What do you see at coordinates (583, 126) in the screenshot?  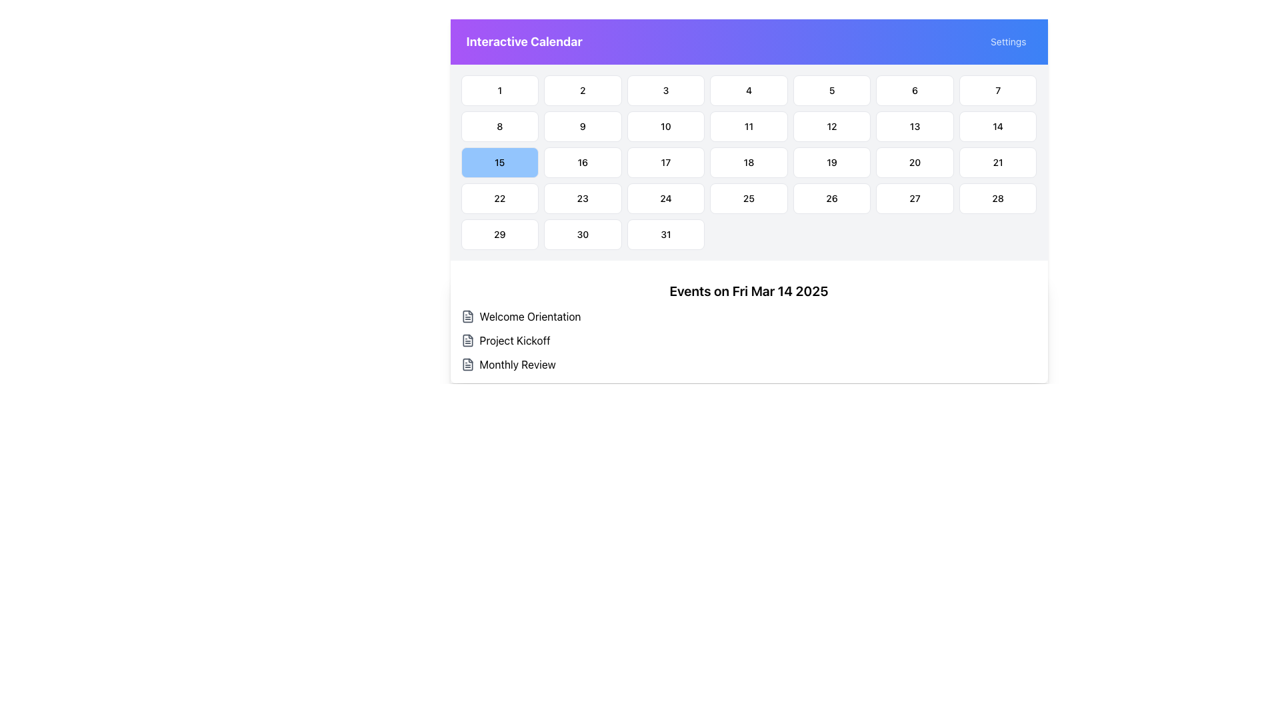 I see `the calendar date button displaying the number '9'` at bounding box center [583, 126].